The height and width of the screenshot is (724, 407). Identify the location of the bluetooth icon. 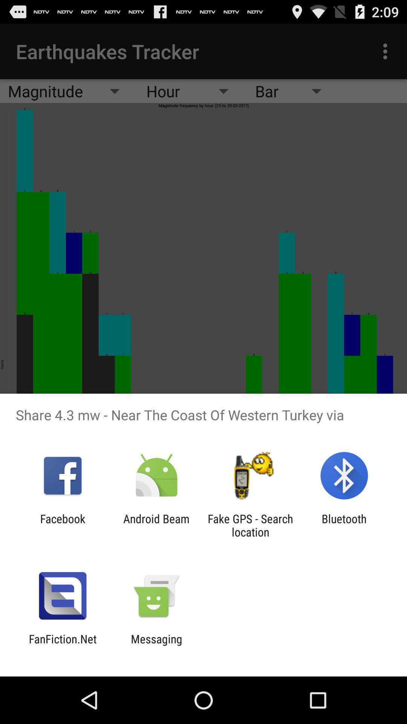
(344, 525).